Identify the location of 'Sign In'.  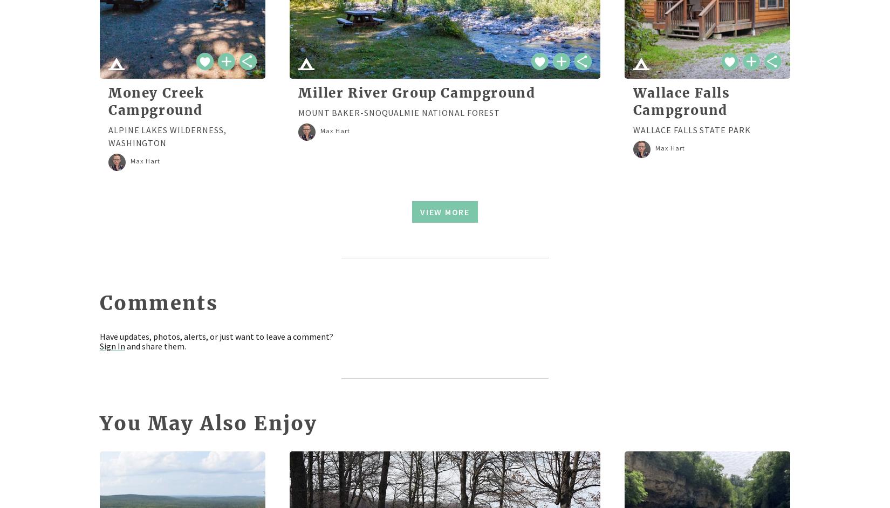
(99, 345).